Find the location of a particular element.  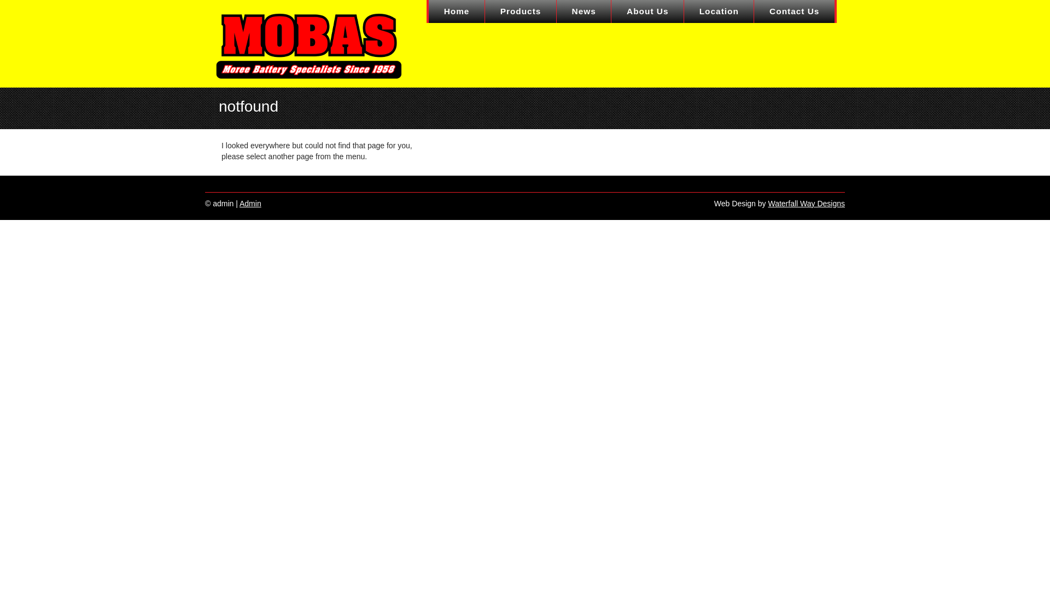

'Location' is located at coordinates (719, 11).